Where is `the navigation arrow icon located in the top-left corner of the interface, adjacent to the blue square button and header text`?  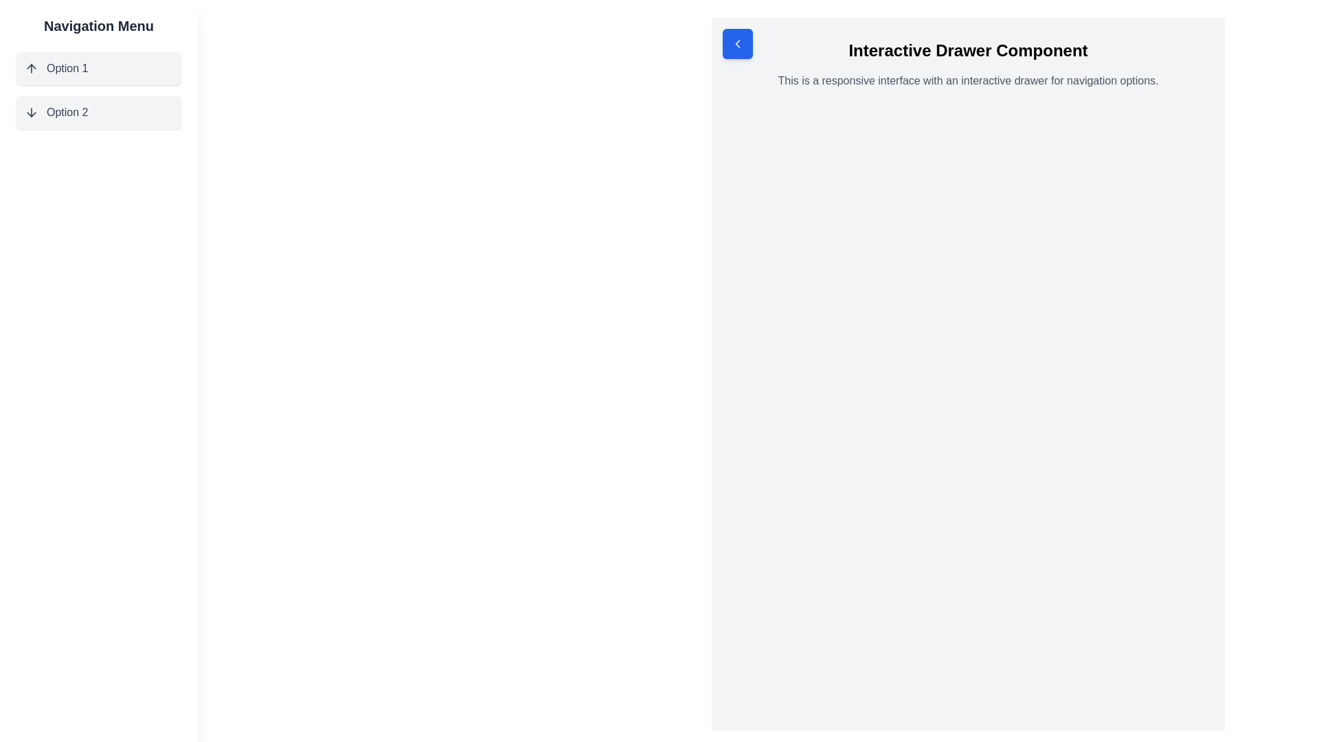 the navigation arrow icon located in the top-left corner of the interface, adjacent to the blue square button and header text is located at coordinates (737, 43).